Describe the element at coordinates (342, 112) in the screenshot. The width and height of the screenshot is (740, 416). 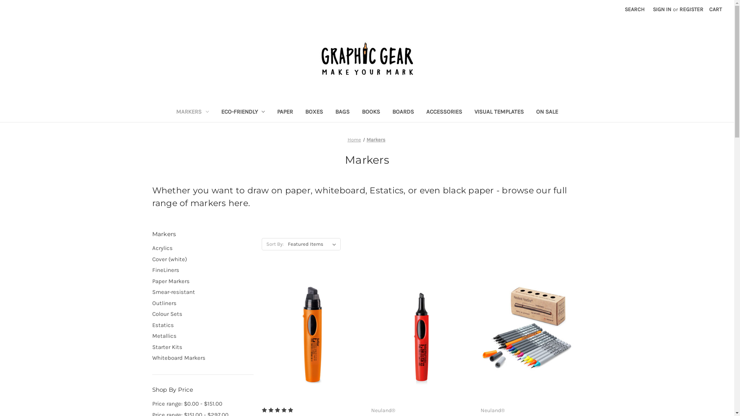
I see `'BAGS'` at that location.